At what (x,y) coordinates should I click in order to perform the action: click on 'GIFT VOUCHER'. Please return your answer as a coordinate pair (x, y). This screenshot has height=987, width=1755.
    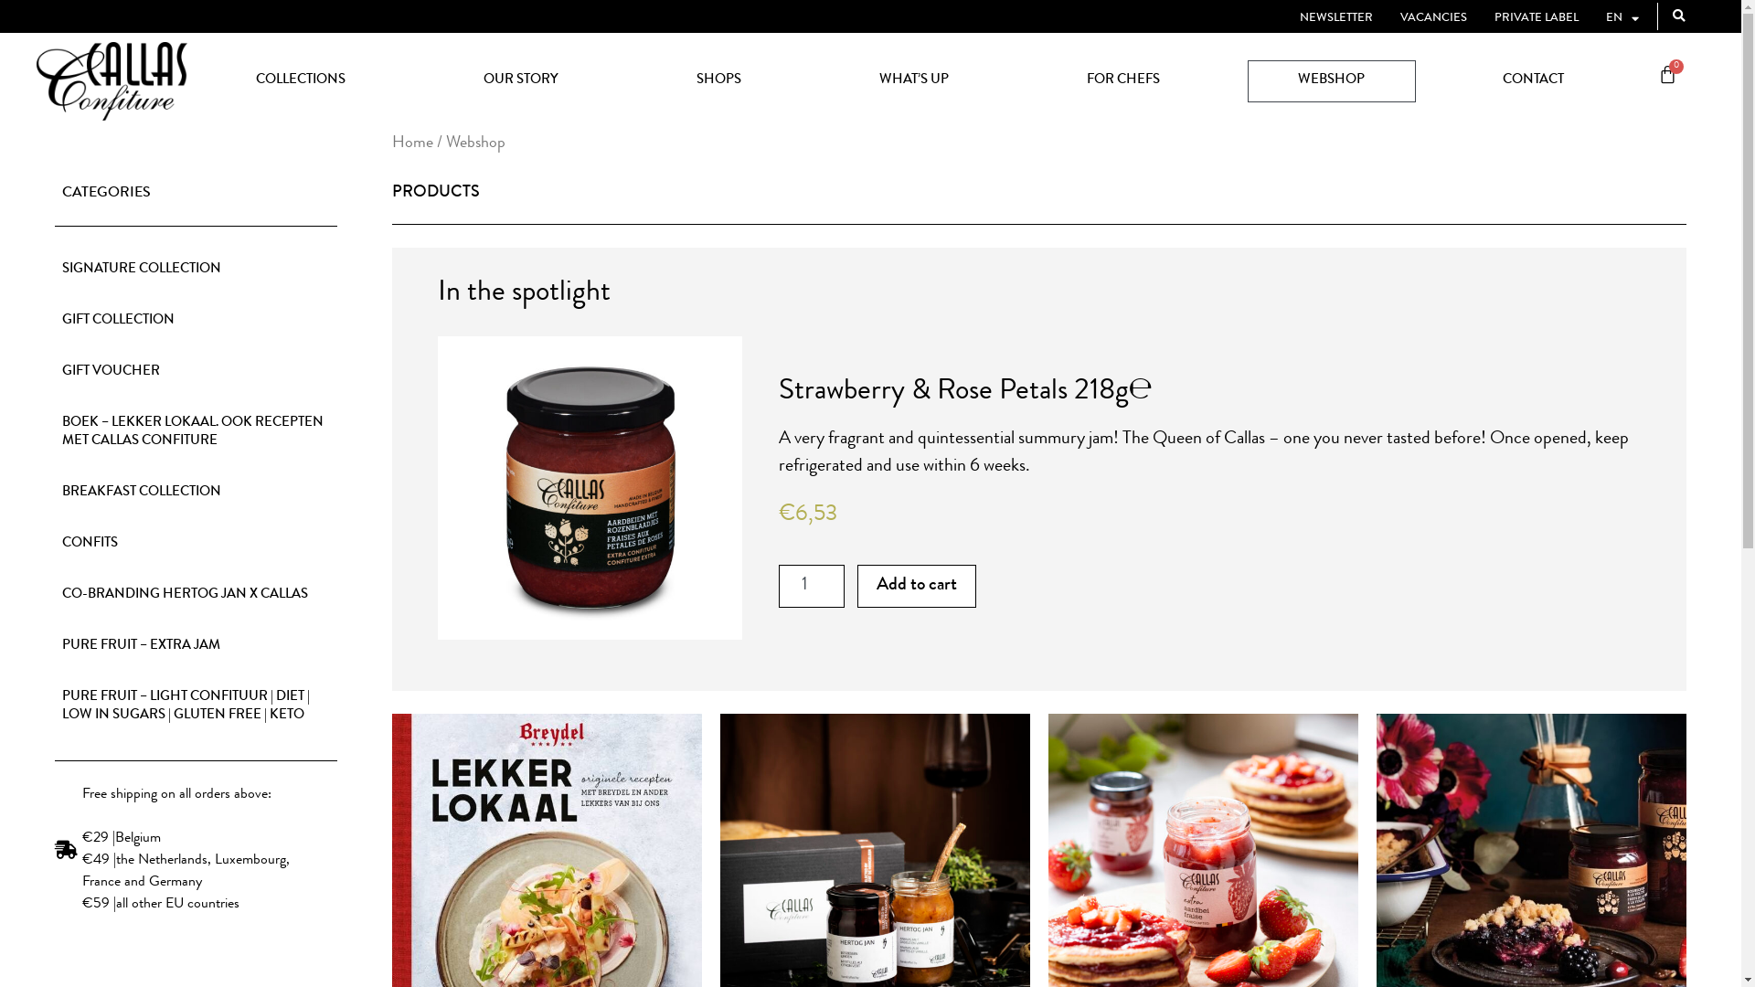
    Looking at the image, I should click on (196, 372).